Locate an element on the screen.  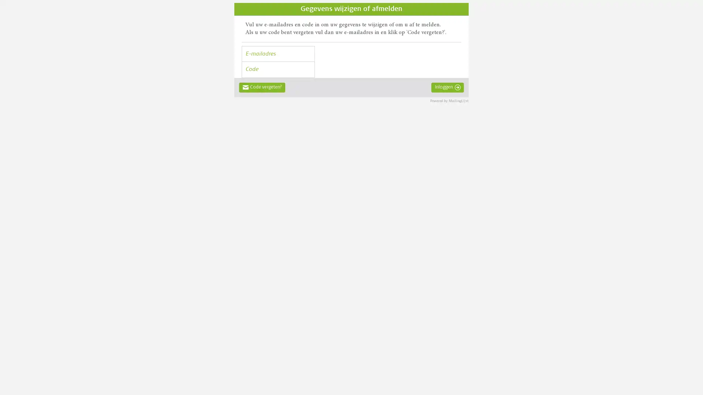
Code vergeten? is located at coordinates (262, 87).